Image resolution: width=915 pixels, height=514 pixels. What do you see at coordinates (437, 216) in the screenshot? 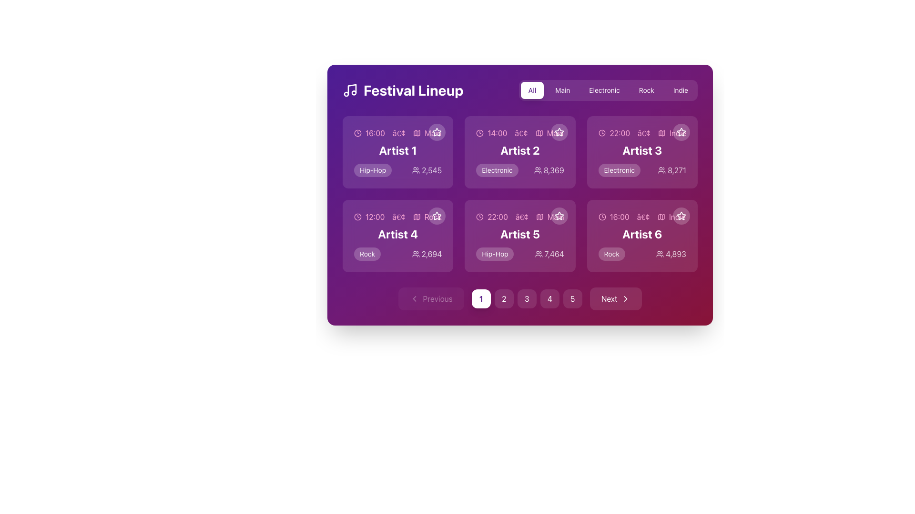
I see `the star icon located` at bounding box center [437, 216].